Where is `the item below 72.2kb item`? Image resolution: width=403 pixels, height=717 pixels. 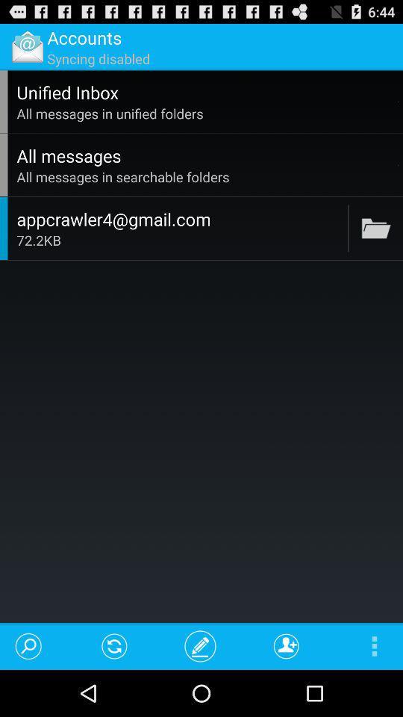
the item below 72.2kb item is located at coordinates (200, 645).